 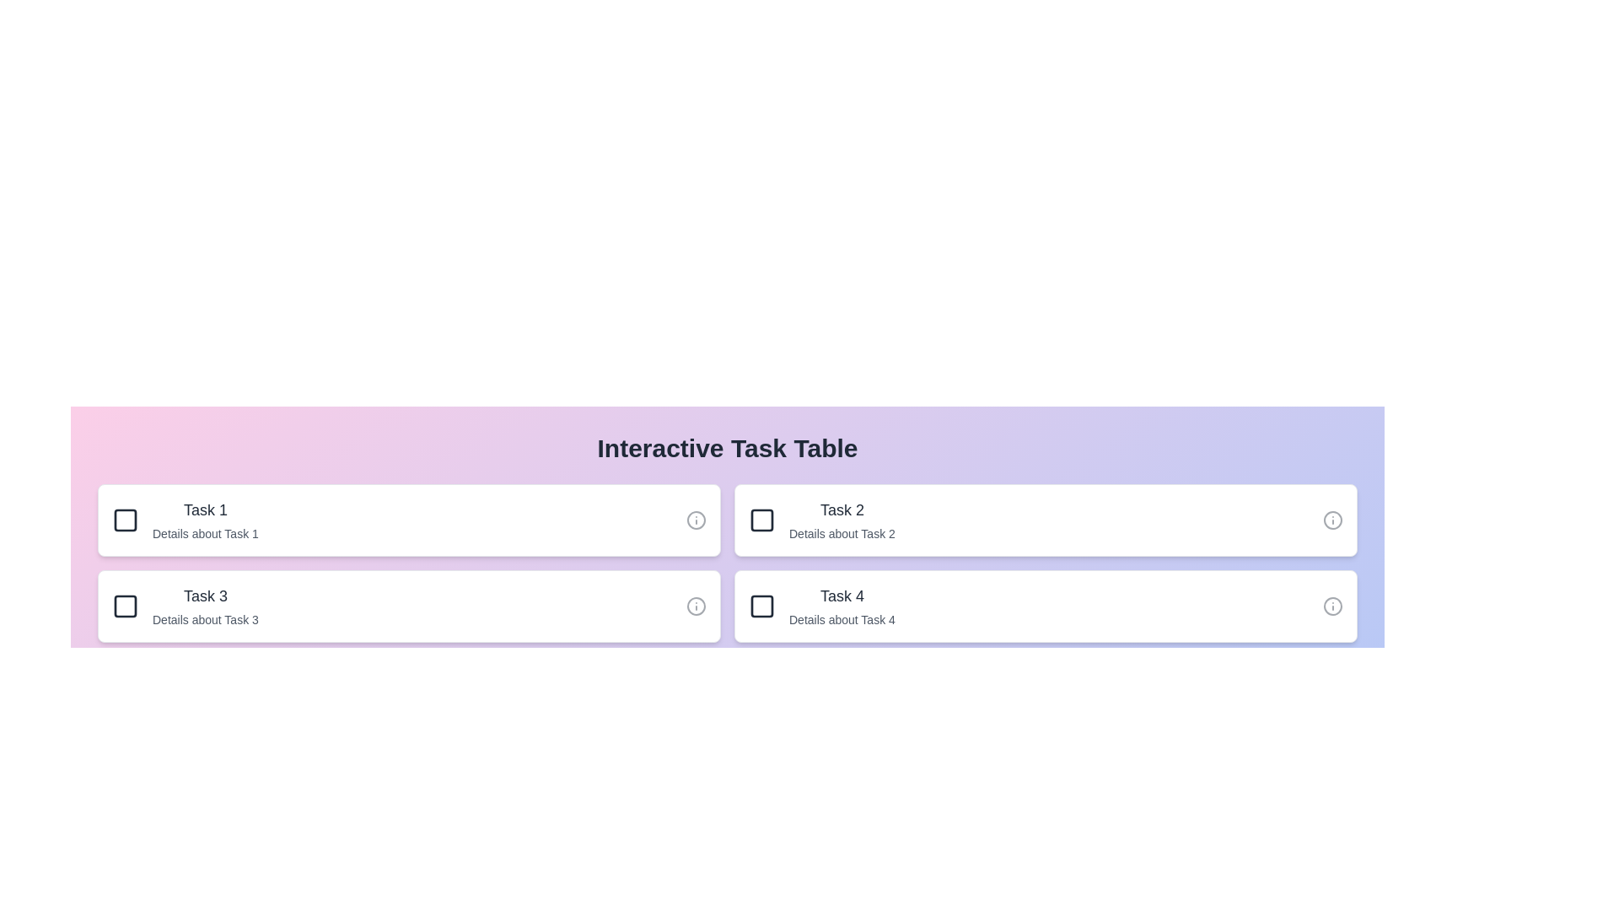 I want to click on checkbox next to task 4 to mark it as completed, so click(x=761, y=605).